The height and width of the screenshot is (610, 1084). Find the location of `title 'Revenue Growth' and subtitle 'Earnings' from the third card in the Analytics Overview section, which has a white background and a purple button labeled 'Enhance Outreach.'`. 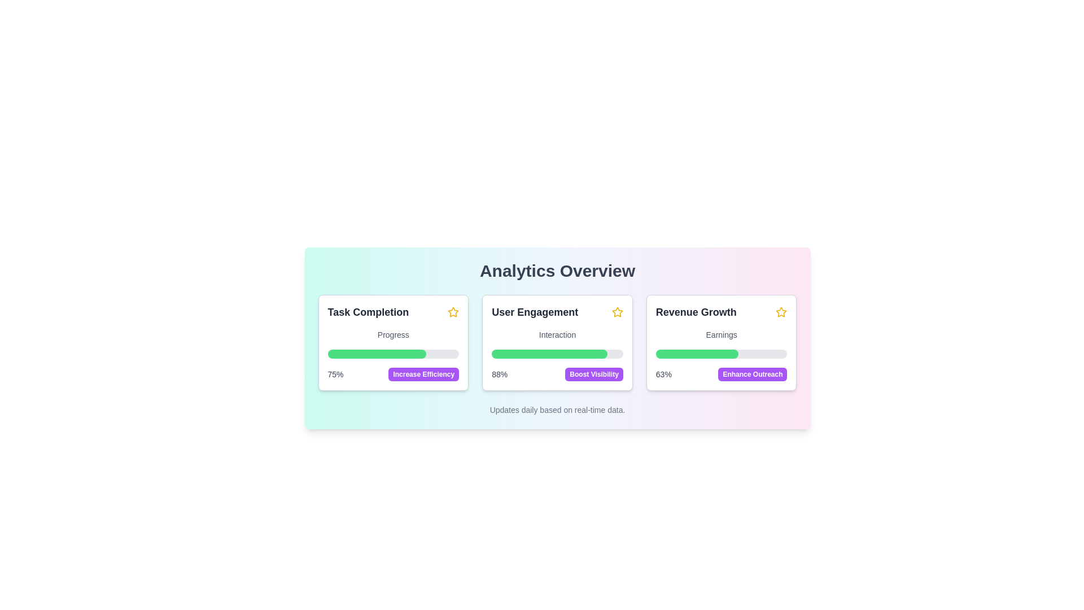

title 'Revenue Growth' and subtitle 'Earnings' from the third card in the Analytics Overview section, which has a white background and a purple button labeled 'Enhance Outreach.' is located at coordinates (721, 342).